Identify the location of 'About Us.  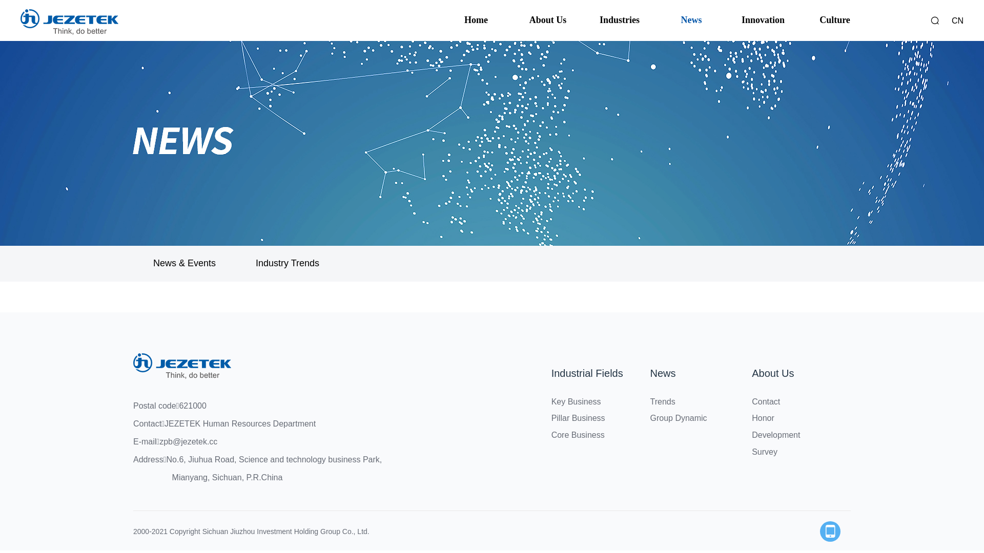
(547, 20).